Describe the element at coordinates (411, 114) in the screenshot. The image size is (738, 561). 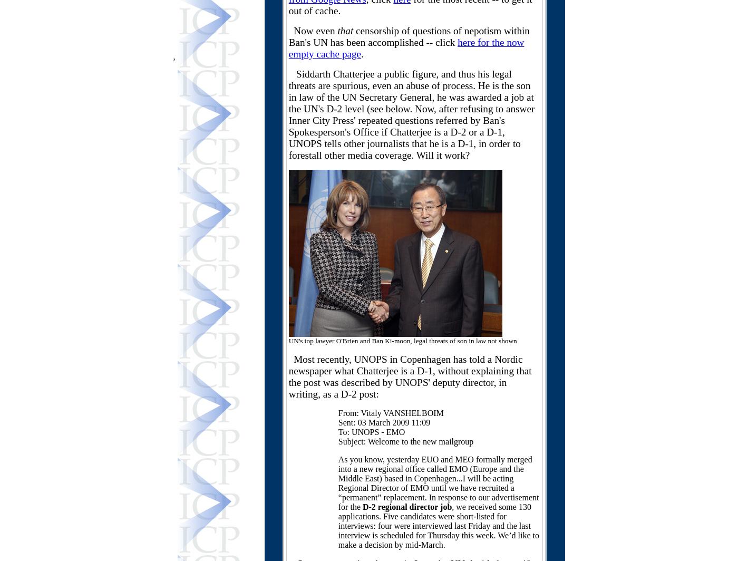
I see `'Siddarth Chatterjee a public figure,
and thus his legal threats are spurious, even an abuse of process. He
is the son in law of the UN Secretary General, he was awarded a job
at the UN's D-2 level (see below. Now, after refusing to answer Inner
City
Press' repeated questions referred by Ban's Spokesperson's Office if
Chatterjee is a D-2 or a D-1, UNOPS tells other journalists
that he is a D-1, in order to forestall other media coverage. Will it
work?'` at that location.